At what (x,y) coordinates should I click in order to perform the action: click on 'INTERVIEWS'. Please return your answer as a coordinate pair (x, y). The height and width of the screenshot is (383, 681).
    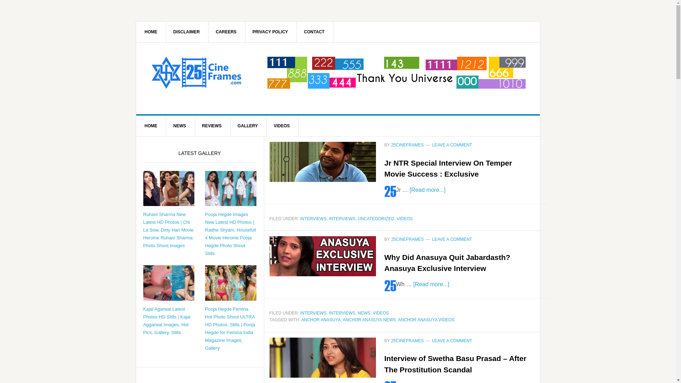
    Looking at the image, I should click on (342, 313).